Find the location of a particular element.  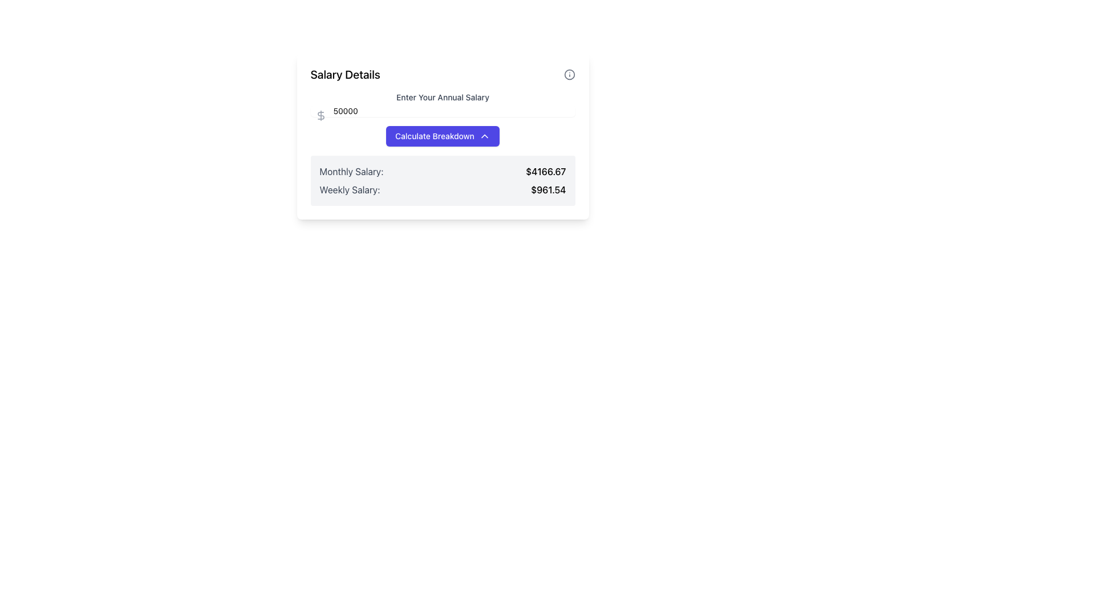

the dollar sign icon located inside the annual salary entry input field, positioned to the left of the numeric input displaying '50000' is located at coordinates (320, 116).